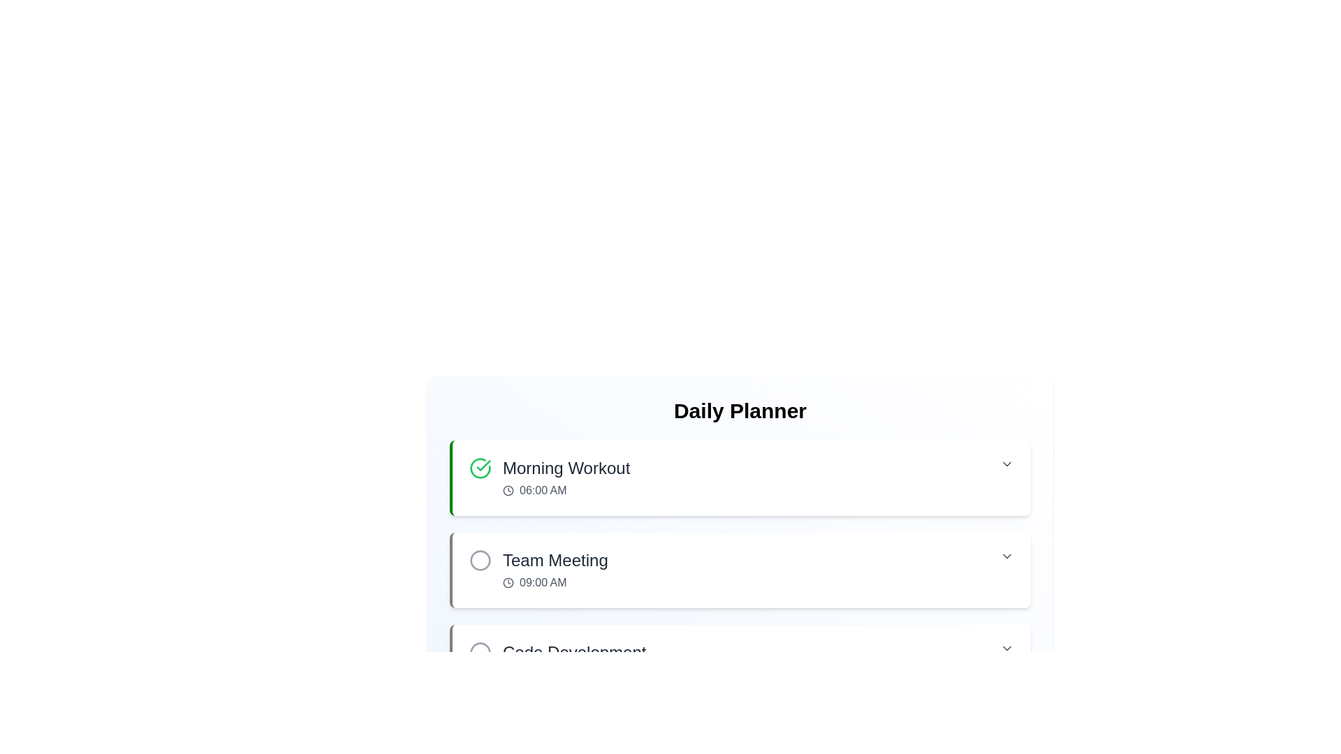 This screenshot has height=754, width=1341. I want to click on the circular icon with a thin outline located to the left of the 'Code Development' text in the 'Daily Planner' interface, so click(480, 652).